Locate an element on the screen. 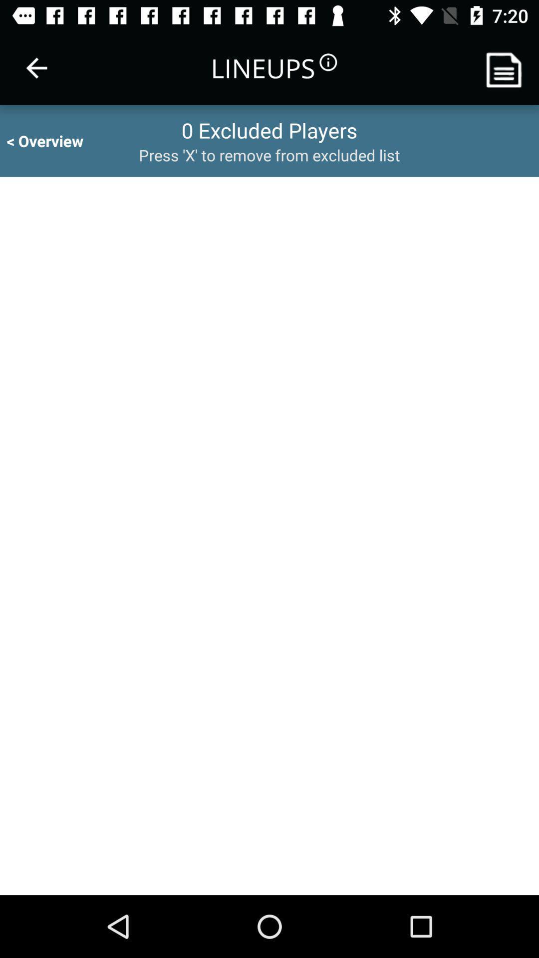 The height and width of the screenshot is (958, 539). the < overview icon is located at coordinates (54, 140).